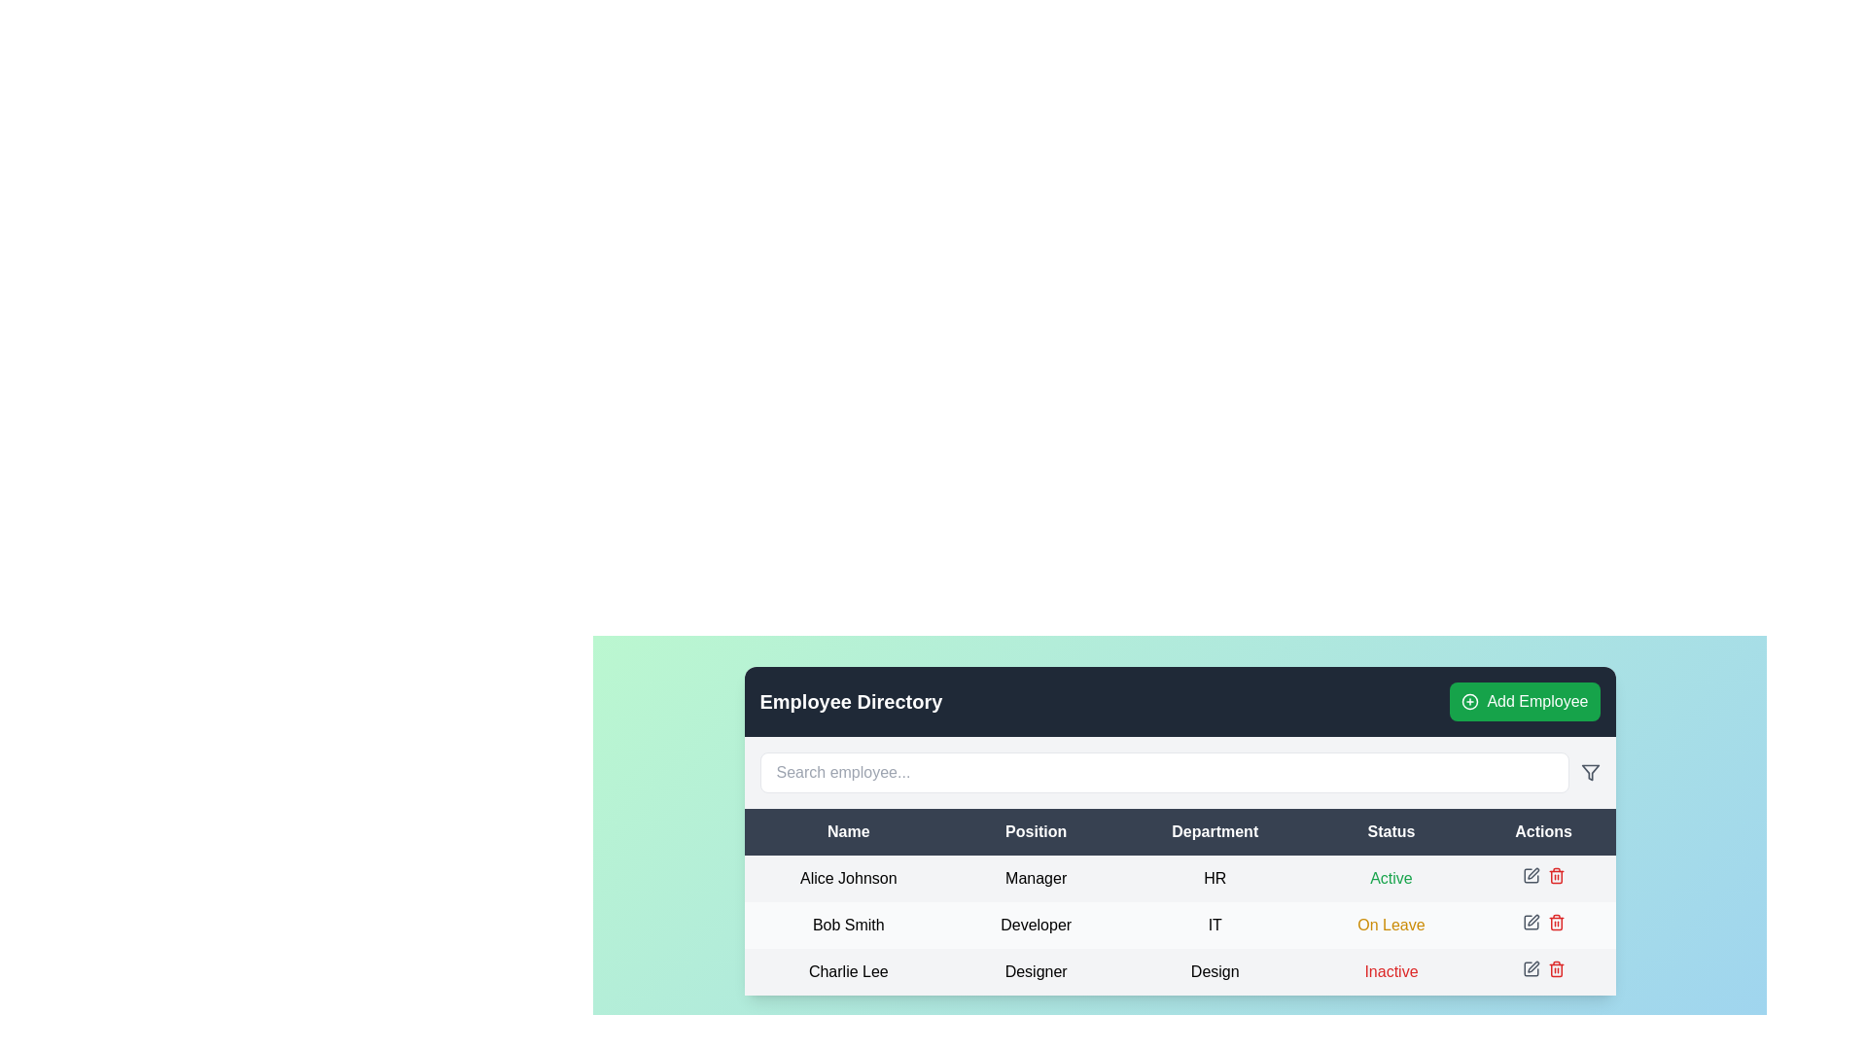 Image resolution: width=1867 pixels, height=1050 pixels. Describe the element at coordinates (1530, 876) in the screenshot. I see `the Edit Button icon, which is a minimal square with rounded corners located in the Actions column of the HR department's table row, to initiate editing` at that location.